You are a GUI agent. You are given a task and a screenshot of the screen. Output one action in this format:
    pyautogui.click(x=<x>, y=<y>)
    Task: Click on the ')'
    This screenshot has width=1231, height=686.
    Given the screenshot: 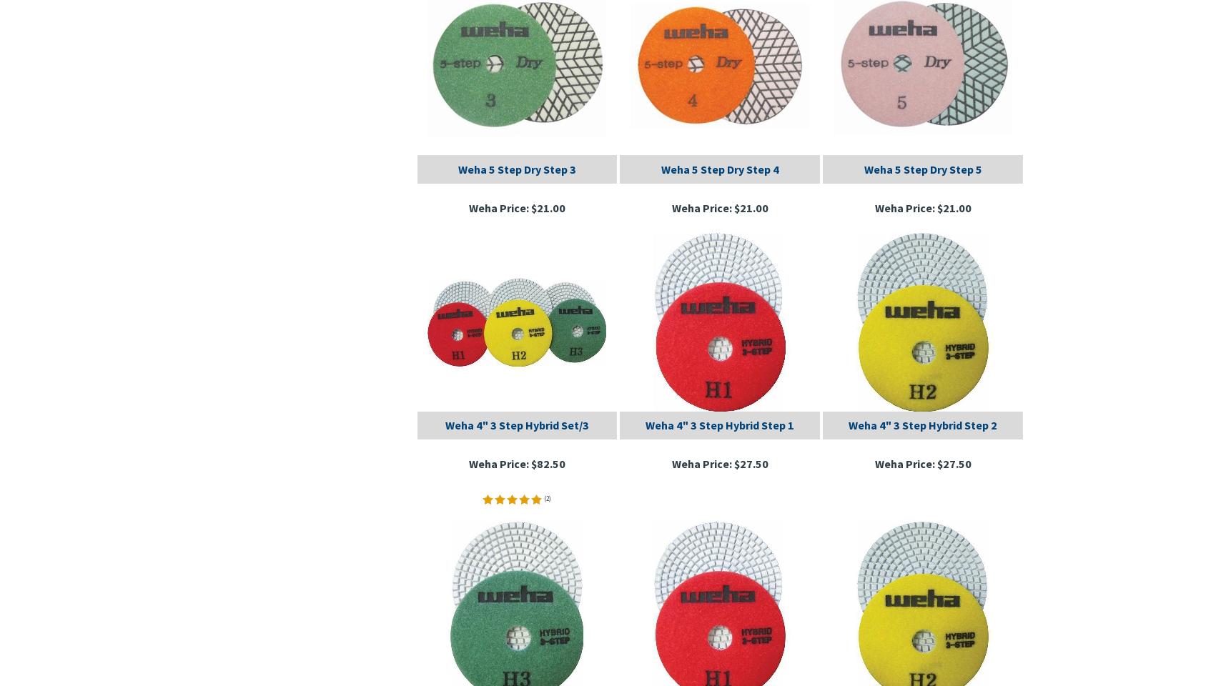 What is the action you would take?
    pyautogui.click(x=550, y=497)
    